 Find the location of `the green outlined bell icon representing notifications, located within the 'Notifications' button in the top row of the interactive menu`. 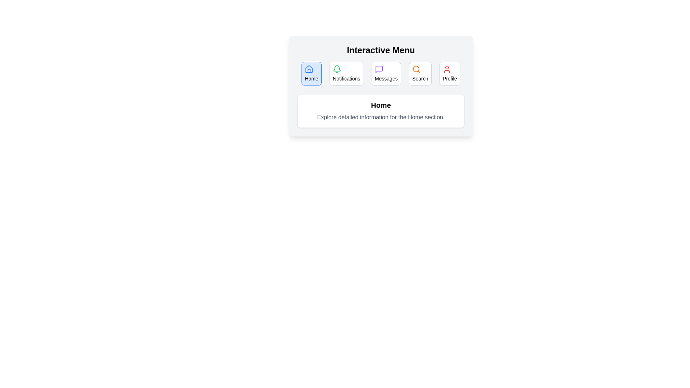

the green outlined bell icon representing notifications, located within the 'Notifications' button in the top row of the interactive menu is located at coordinates (337, 69).